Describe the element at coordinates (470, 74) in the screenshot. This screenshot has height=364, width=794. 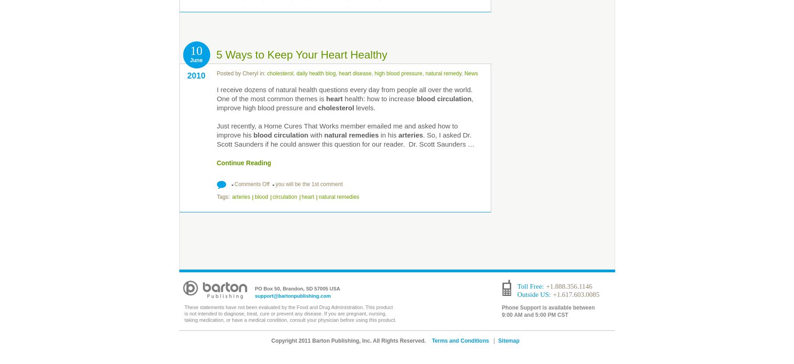
I see `'News'` at that location.